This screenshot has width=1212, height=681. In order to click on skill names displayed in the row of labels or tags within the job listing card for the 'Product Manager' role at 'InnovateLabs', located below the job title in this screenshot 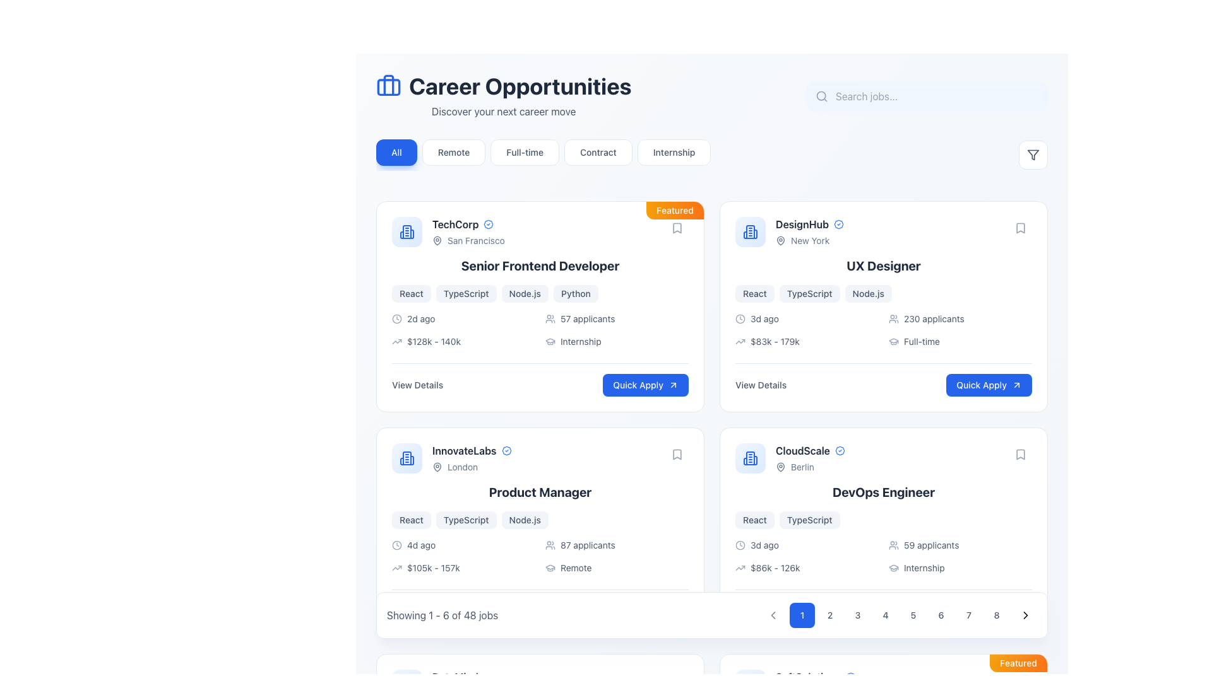, I will do `click(540, 520)`.